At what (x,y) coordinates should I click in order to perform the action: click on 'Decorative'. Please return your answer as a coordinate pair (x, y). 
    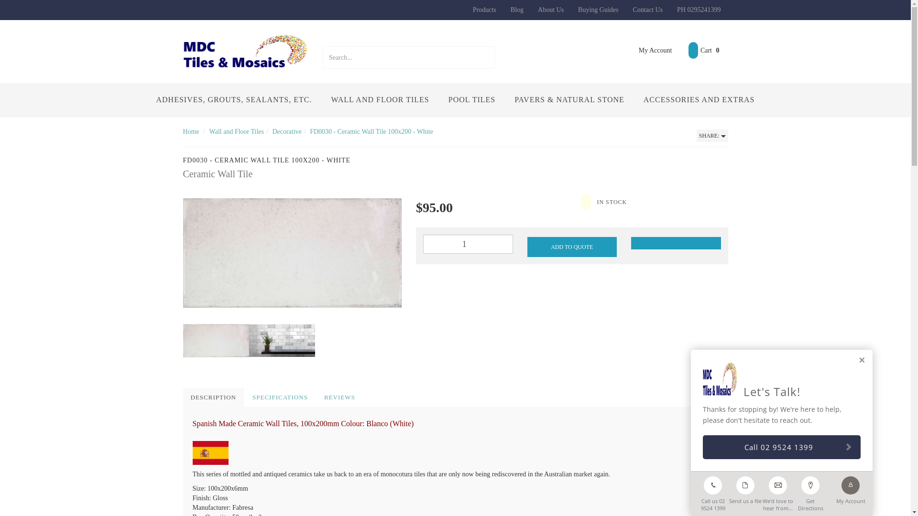
    Looking at the image, I should click on (286, 131).